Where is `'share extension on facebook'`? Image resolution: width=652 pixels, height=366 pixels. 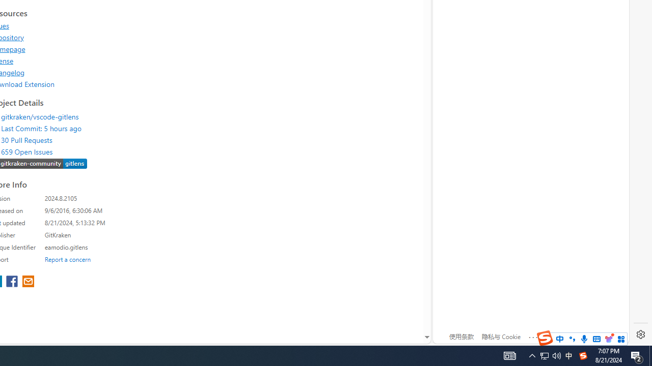 'share extension on facebook' is located at coordinates (13, 282).